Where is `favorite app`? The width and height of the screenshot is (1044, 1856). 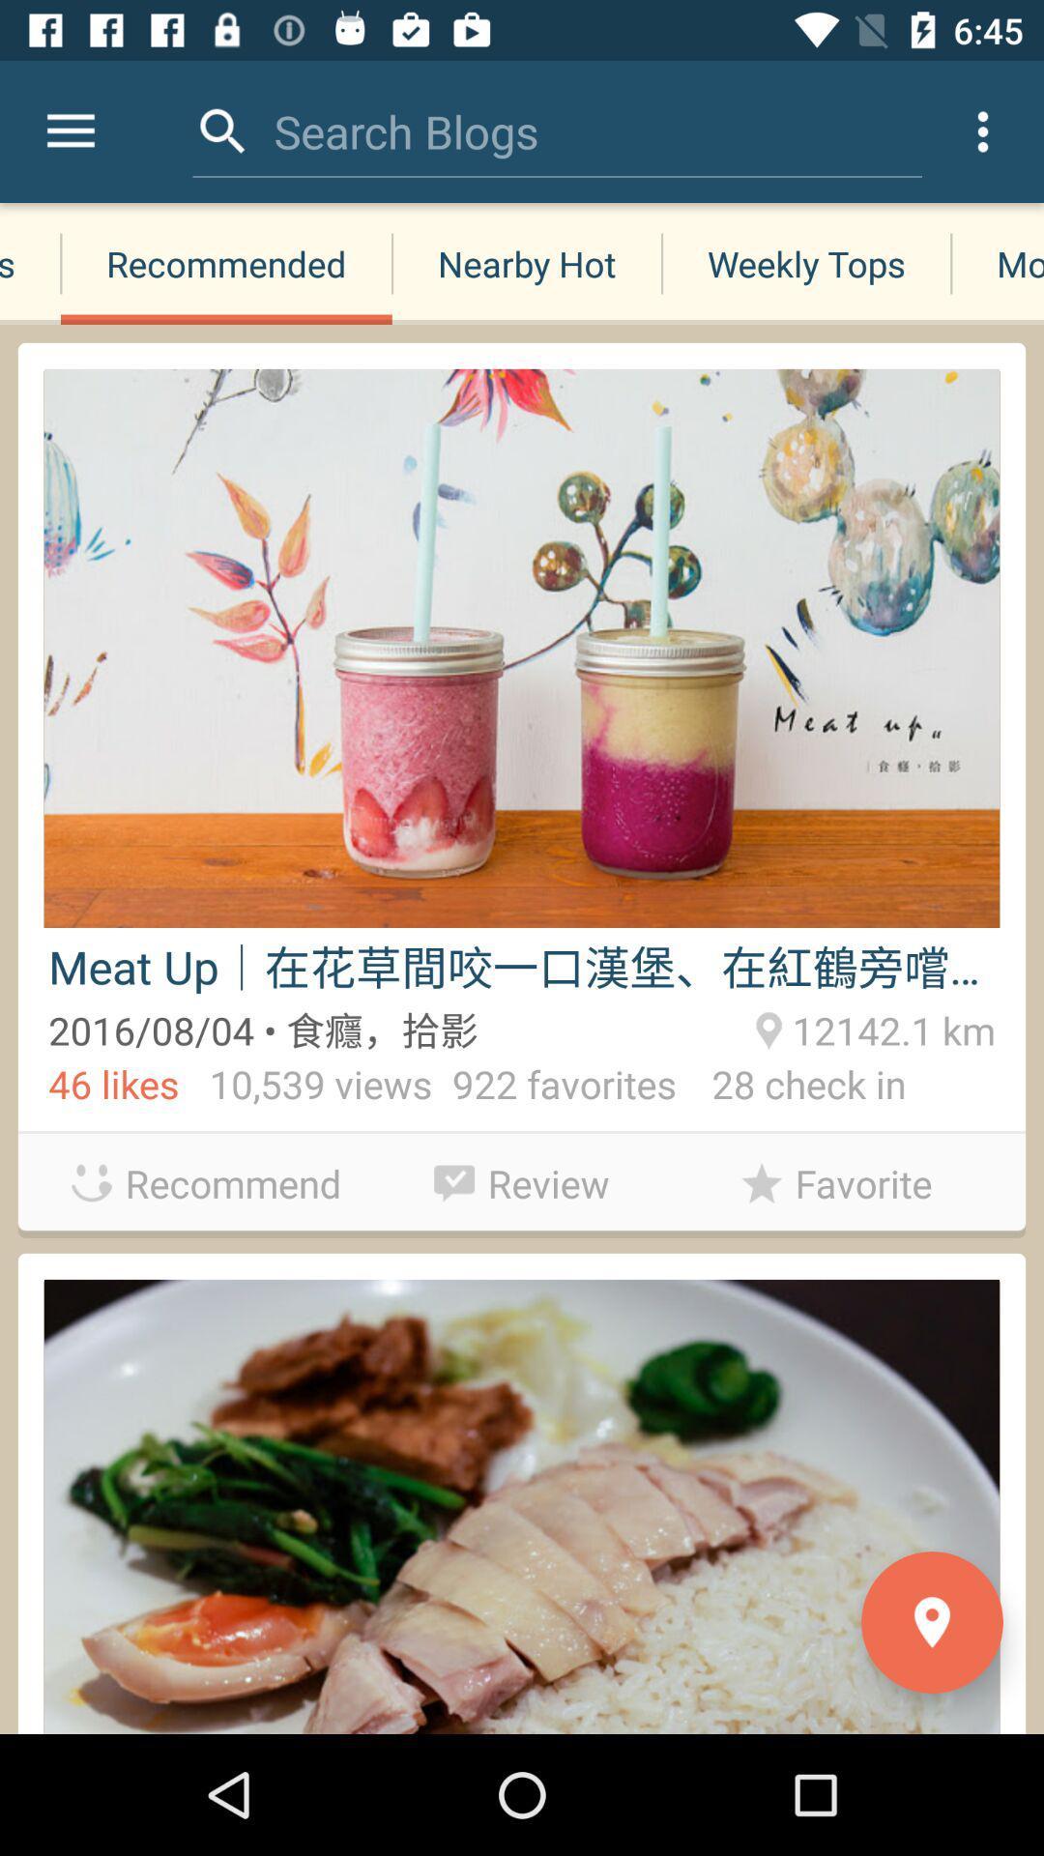
favorite app is located at coordinates (835, 1182).